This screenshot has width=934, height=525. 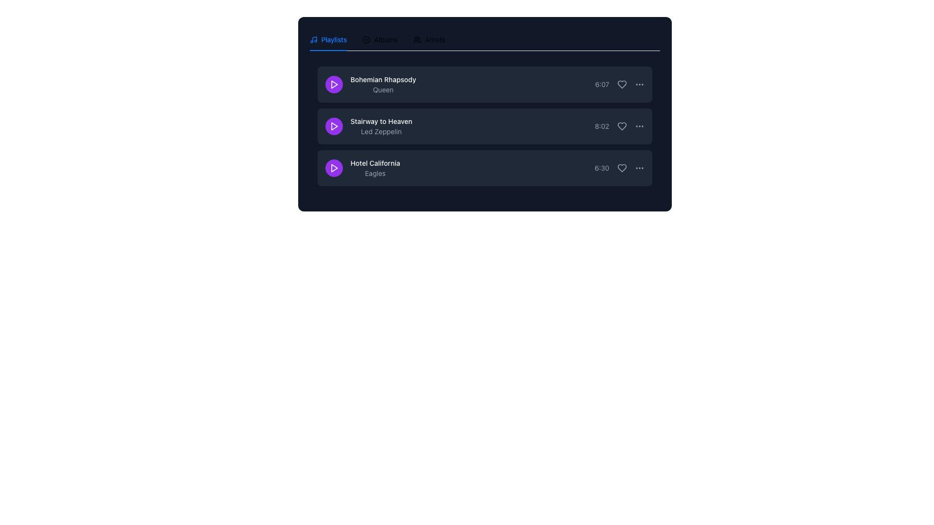 What do you see at coordinates (375, 168) in the screenshot?
I see `the text label displaying the title 'Hotel California' and subtitle 'Eagles', which is located below 'Bohemian Rhapsody' and 'Stairway to Heaven'` at bounding box center [375, 168].